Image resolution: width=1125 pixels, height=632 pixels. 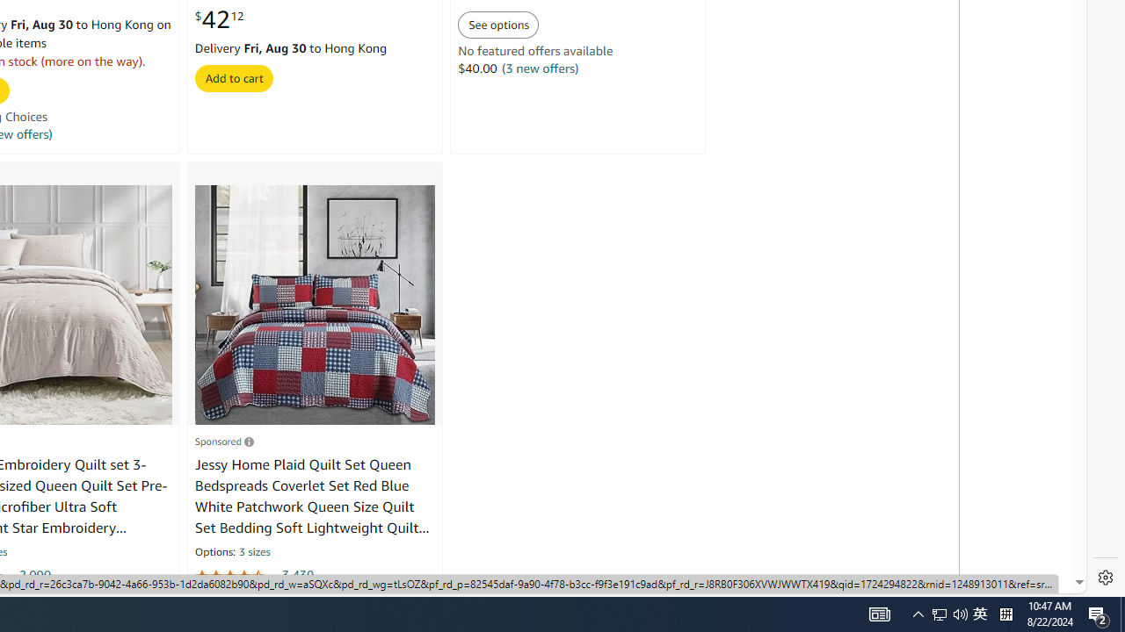 What do you see at coordinates (253, 553) in the screenshot?
I see `'3 sizes'` at bounding box center [253, 553].